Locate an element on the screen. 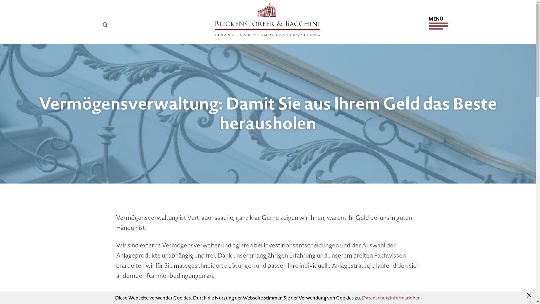 The image size is (540, 304). 'Zur Startseite' is located at coordinates (267, 18).